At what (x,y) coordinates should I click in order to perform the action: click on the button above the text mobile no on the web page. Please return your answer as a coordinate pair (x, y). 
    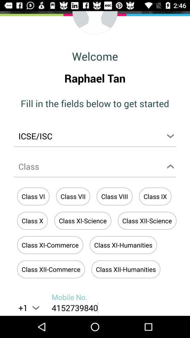
    Looking at the image, I should click on (50, 269).